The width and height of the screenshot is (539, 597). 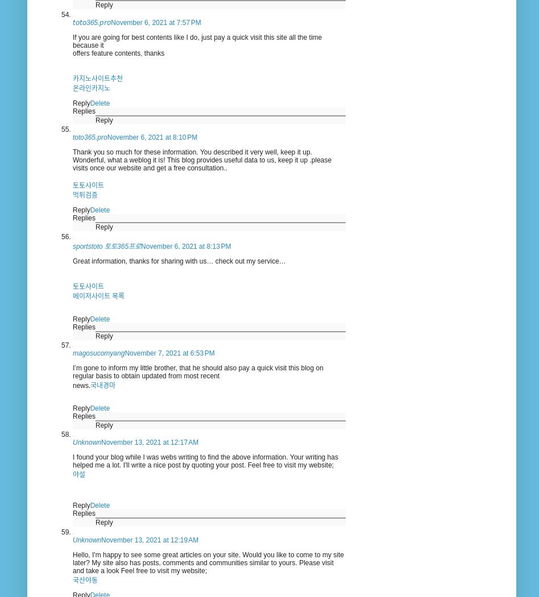 What do you see at coordinates (204, 461) in the screenshot?
I see `'I found your blog while I was webs writing to find the above information. Your writing has helped me a lot. I'll write a nice post by quoting your post.  Feel free to visit my website;'` at bounding box center [204, 461].